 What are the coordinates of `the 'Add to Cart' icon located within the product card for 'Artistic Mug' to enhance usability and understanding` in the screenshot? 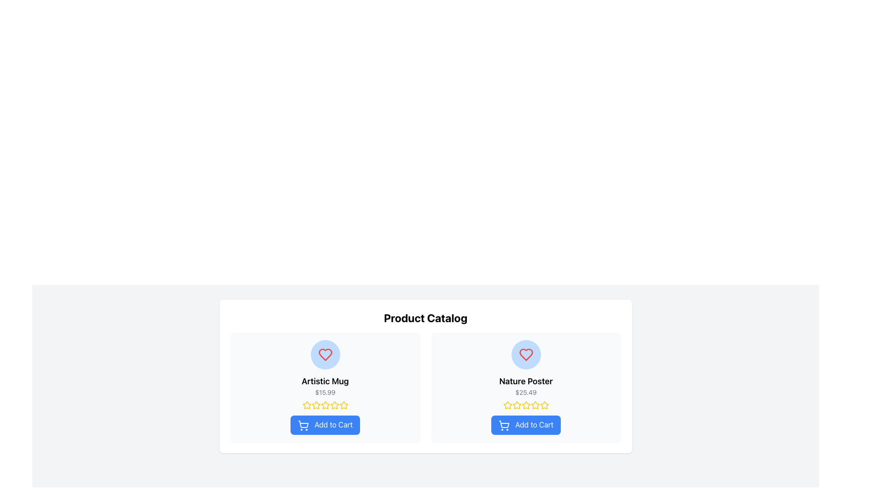 It's located at (303, 425).